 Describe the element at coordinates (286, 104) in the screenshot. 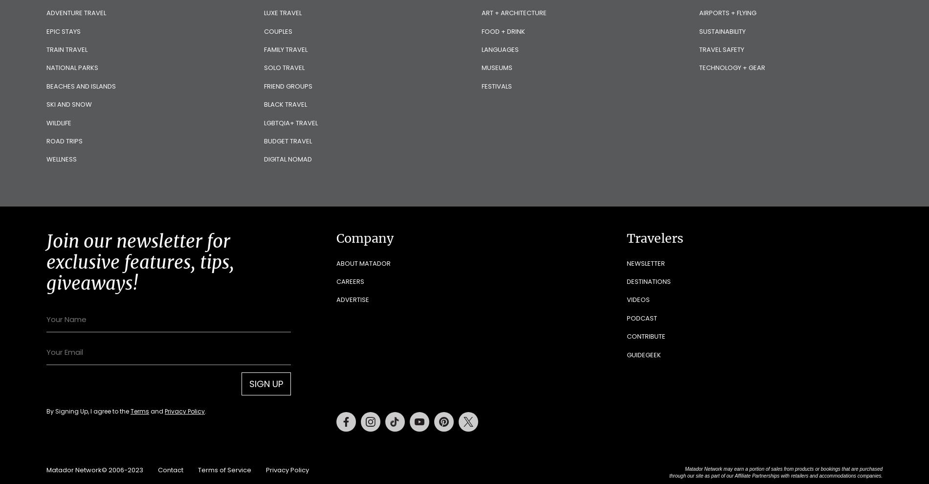

I see `'Black Travel'` at that location.